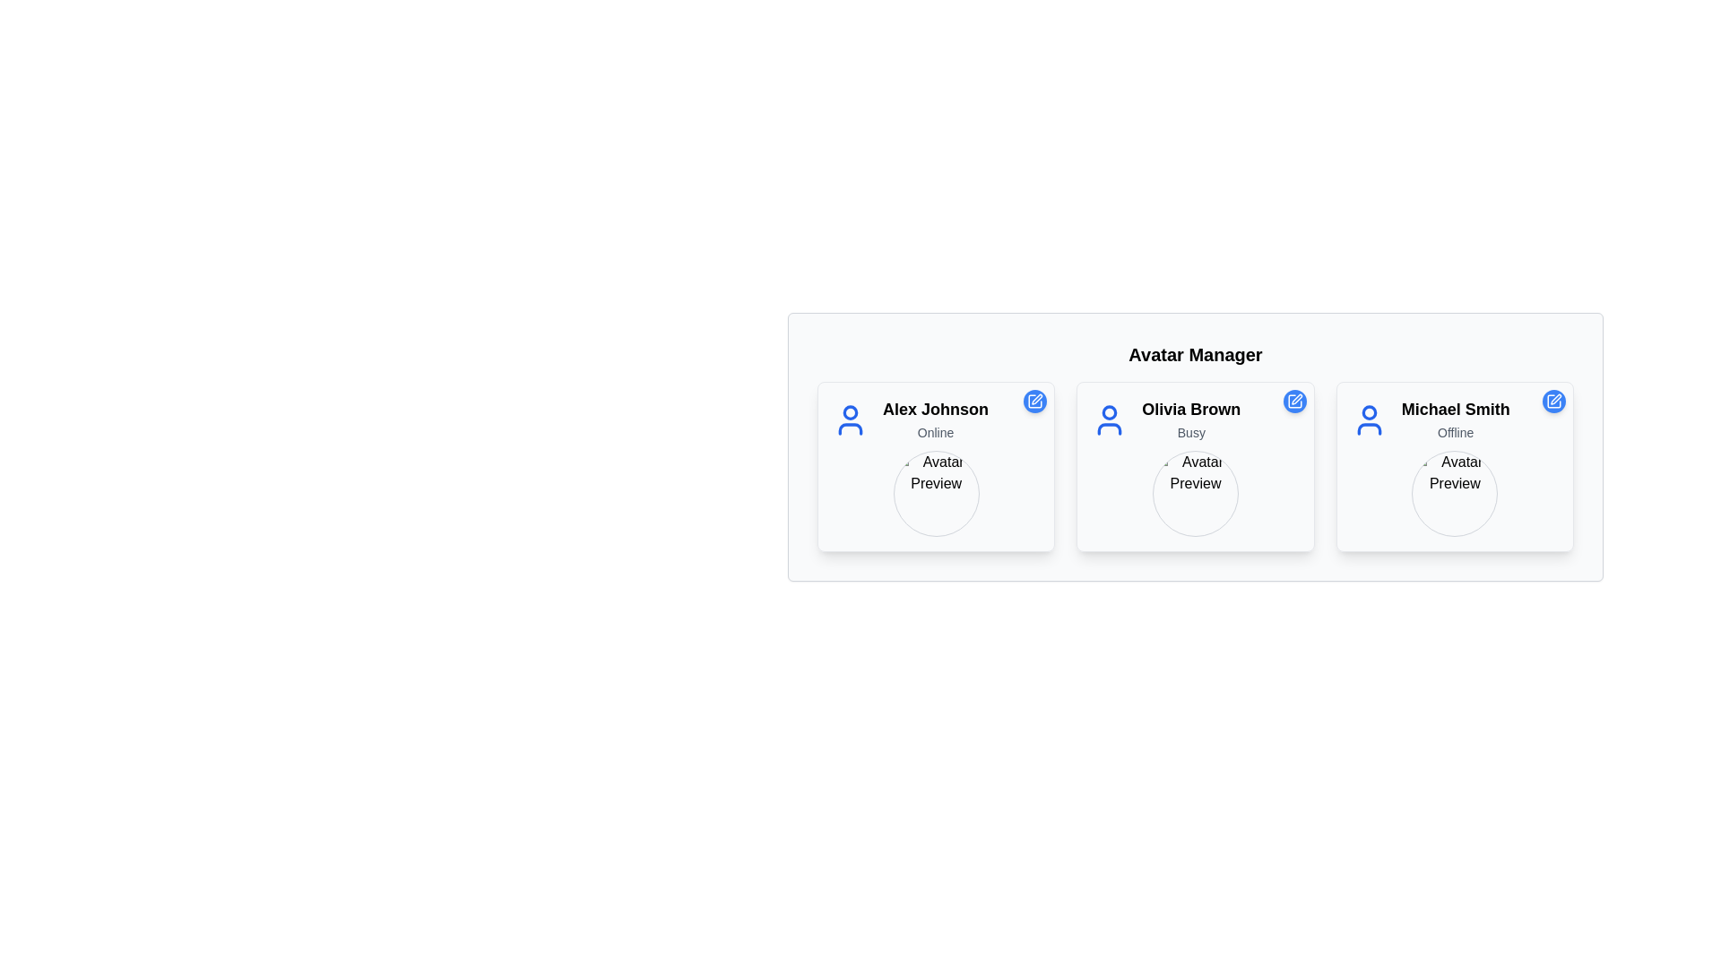  Describe the element at coordinates (1035, 400) in the screenshot. I see `the edit button located at the top-right corner of the user card for 'Alex Johnson'` at that location.